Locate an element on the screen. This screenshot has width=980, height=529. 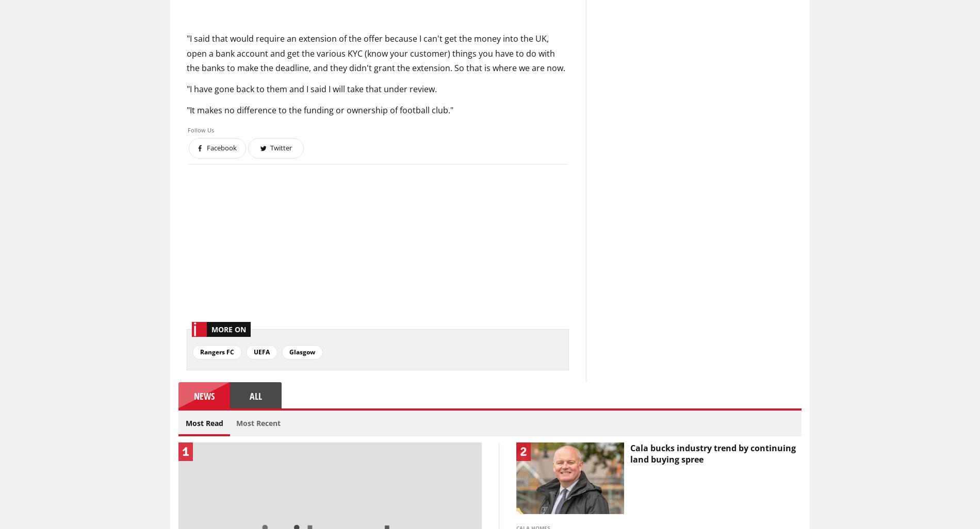
'Glasgow' is located at coordinates (302, 351).